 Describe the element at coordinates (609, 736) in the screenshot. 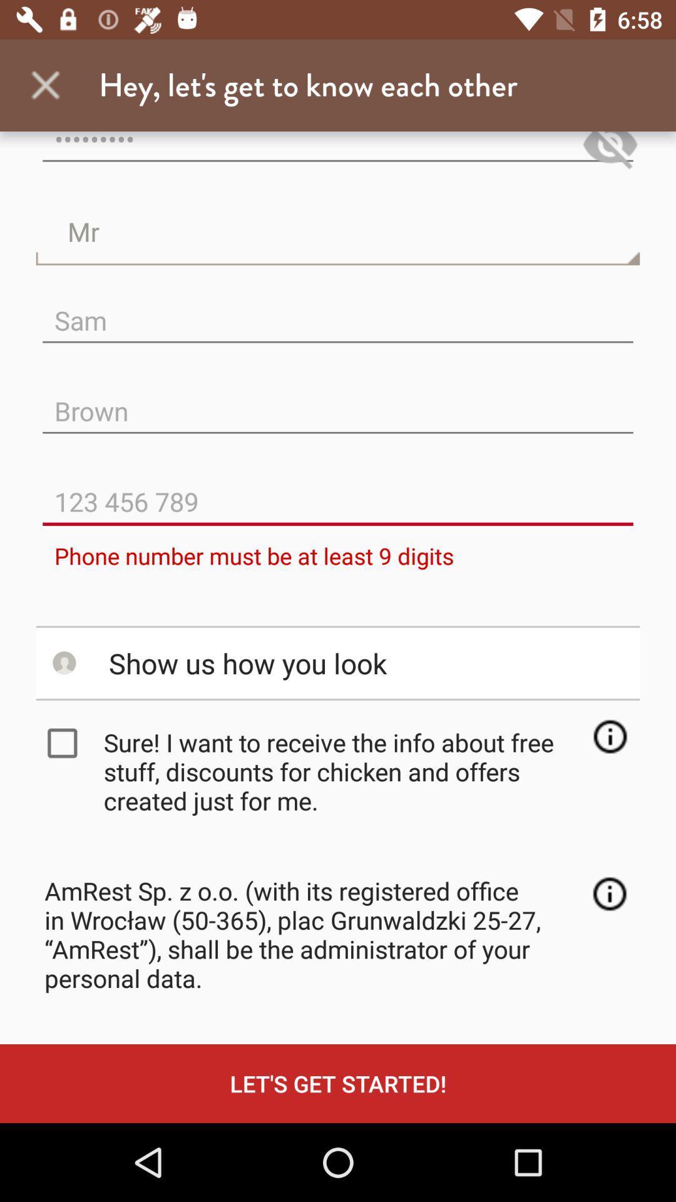

I see `see more information` at that location.